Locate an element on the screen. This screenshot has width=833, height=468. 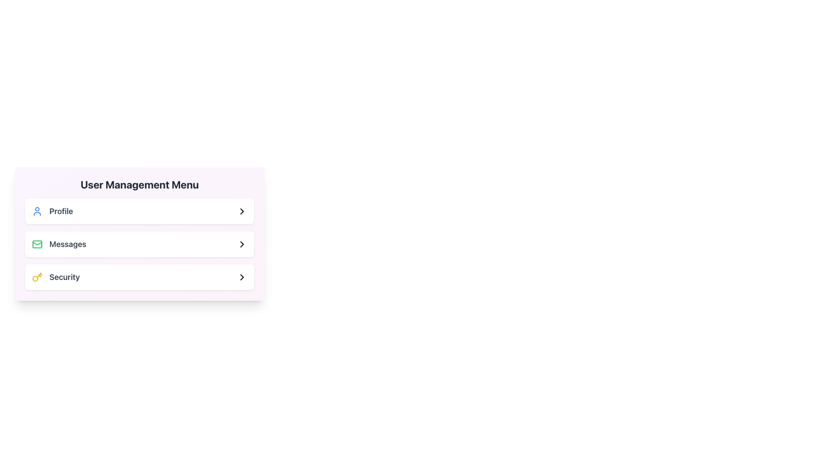
the Chevron icon located at the far right of the 'Profile' menu row within the 'User Management Menu' is located at coordinates (242, 211).